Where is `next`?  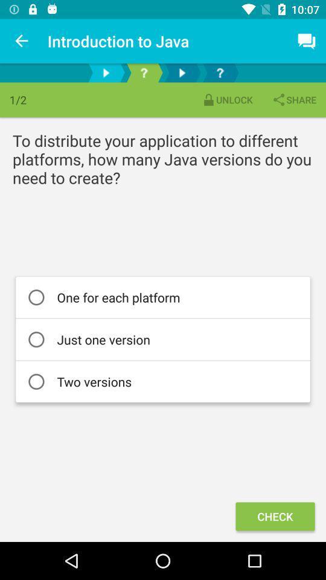
next is located at coordinates (181, 72).